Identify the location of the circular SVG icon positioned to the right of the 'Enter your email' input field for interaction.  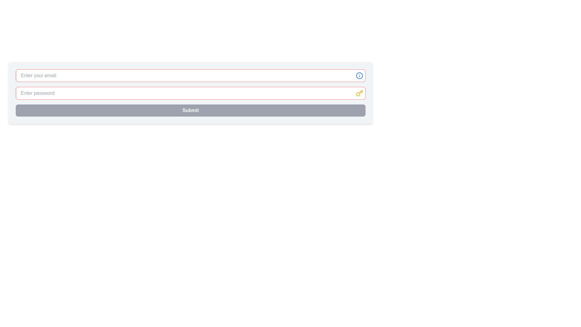
(359, 75).